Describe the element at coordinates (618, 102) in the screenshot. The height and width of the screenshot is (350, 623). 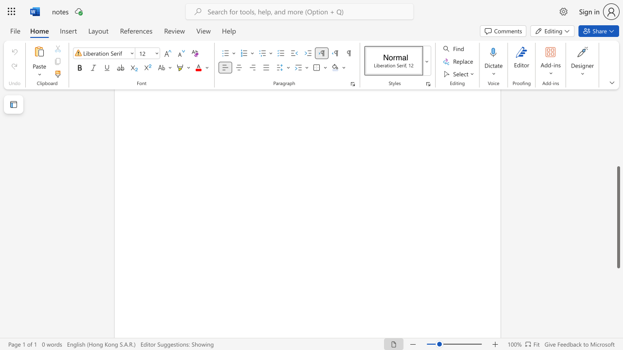
I see `the scrollbar` at that location.